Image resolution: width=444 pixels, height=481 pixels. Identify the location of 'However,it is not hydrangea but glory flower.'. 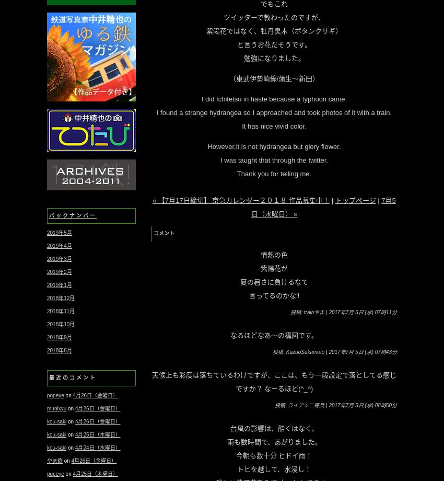
(207, 146).